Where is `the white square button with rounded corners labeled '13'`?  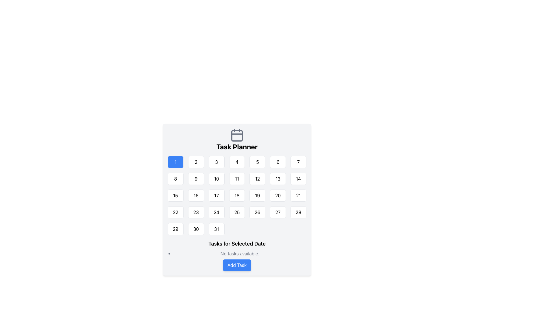 the white square button with rounded corners labeled '13' is located at coordinates (278, 178).